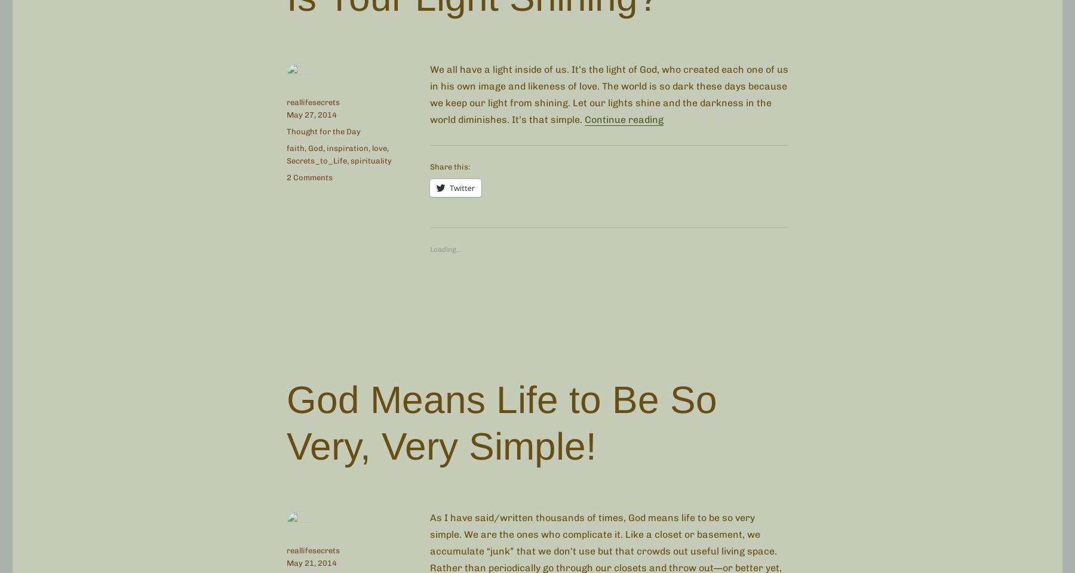 The height and width of the screenshot is (573, 1075). What do you see at coordinates (286, 147) in the screenshot?
I see `'faith'` at bounding box center [286, 147].